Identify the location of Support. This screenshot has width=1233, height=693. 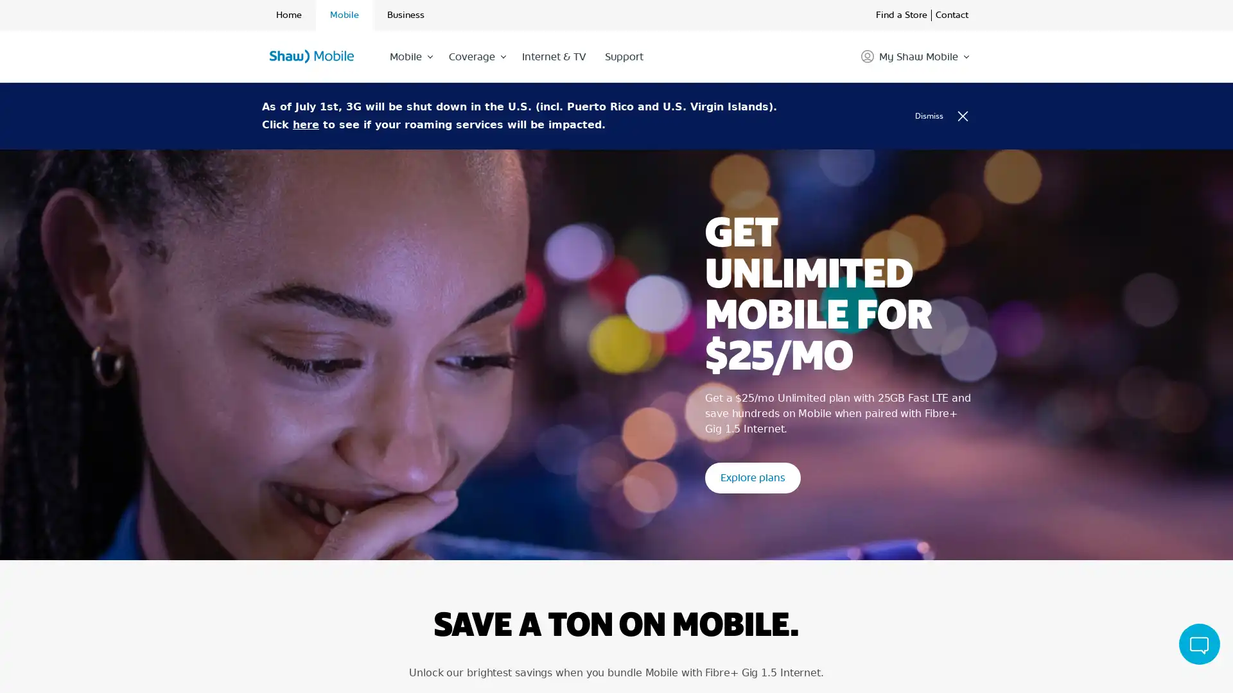
(623, 56).